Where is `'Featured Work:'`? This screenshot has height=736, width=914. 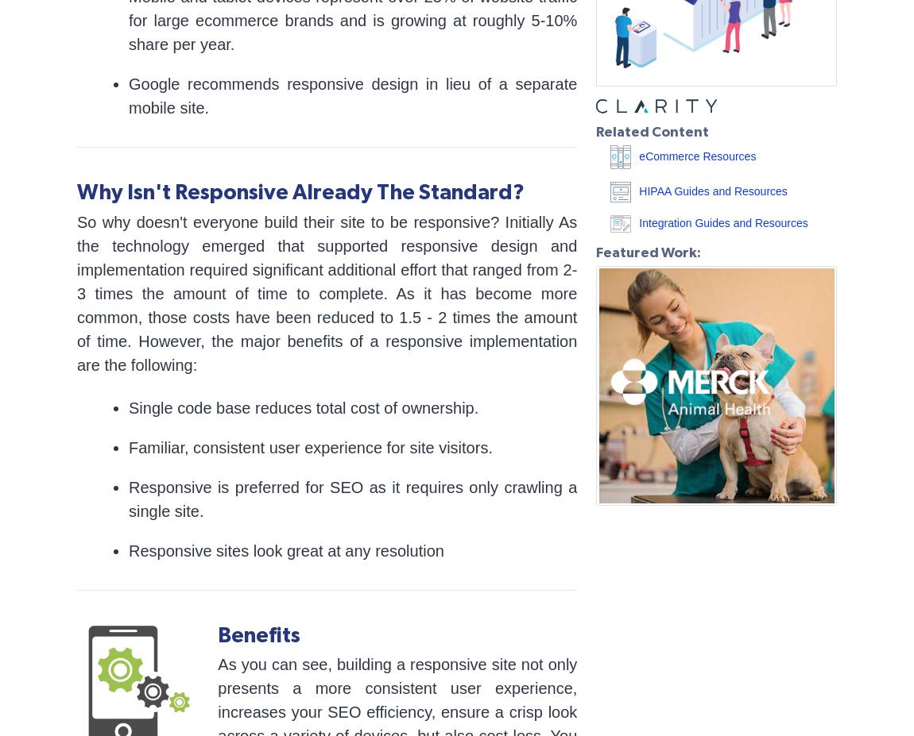
'Featured Work:' is located at coordinates (595, 251).